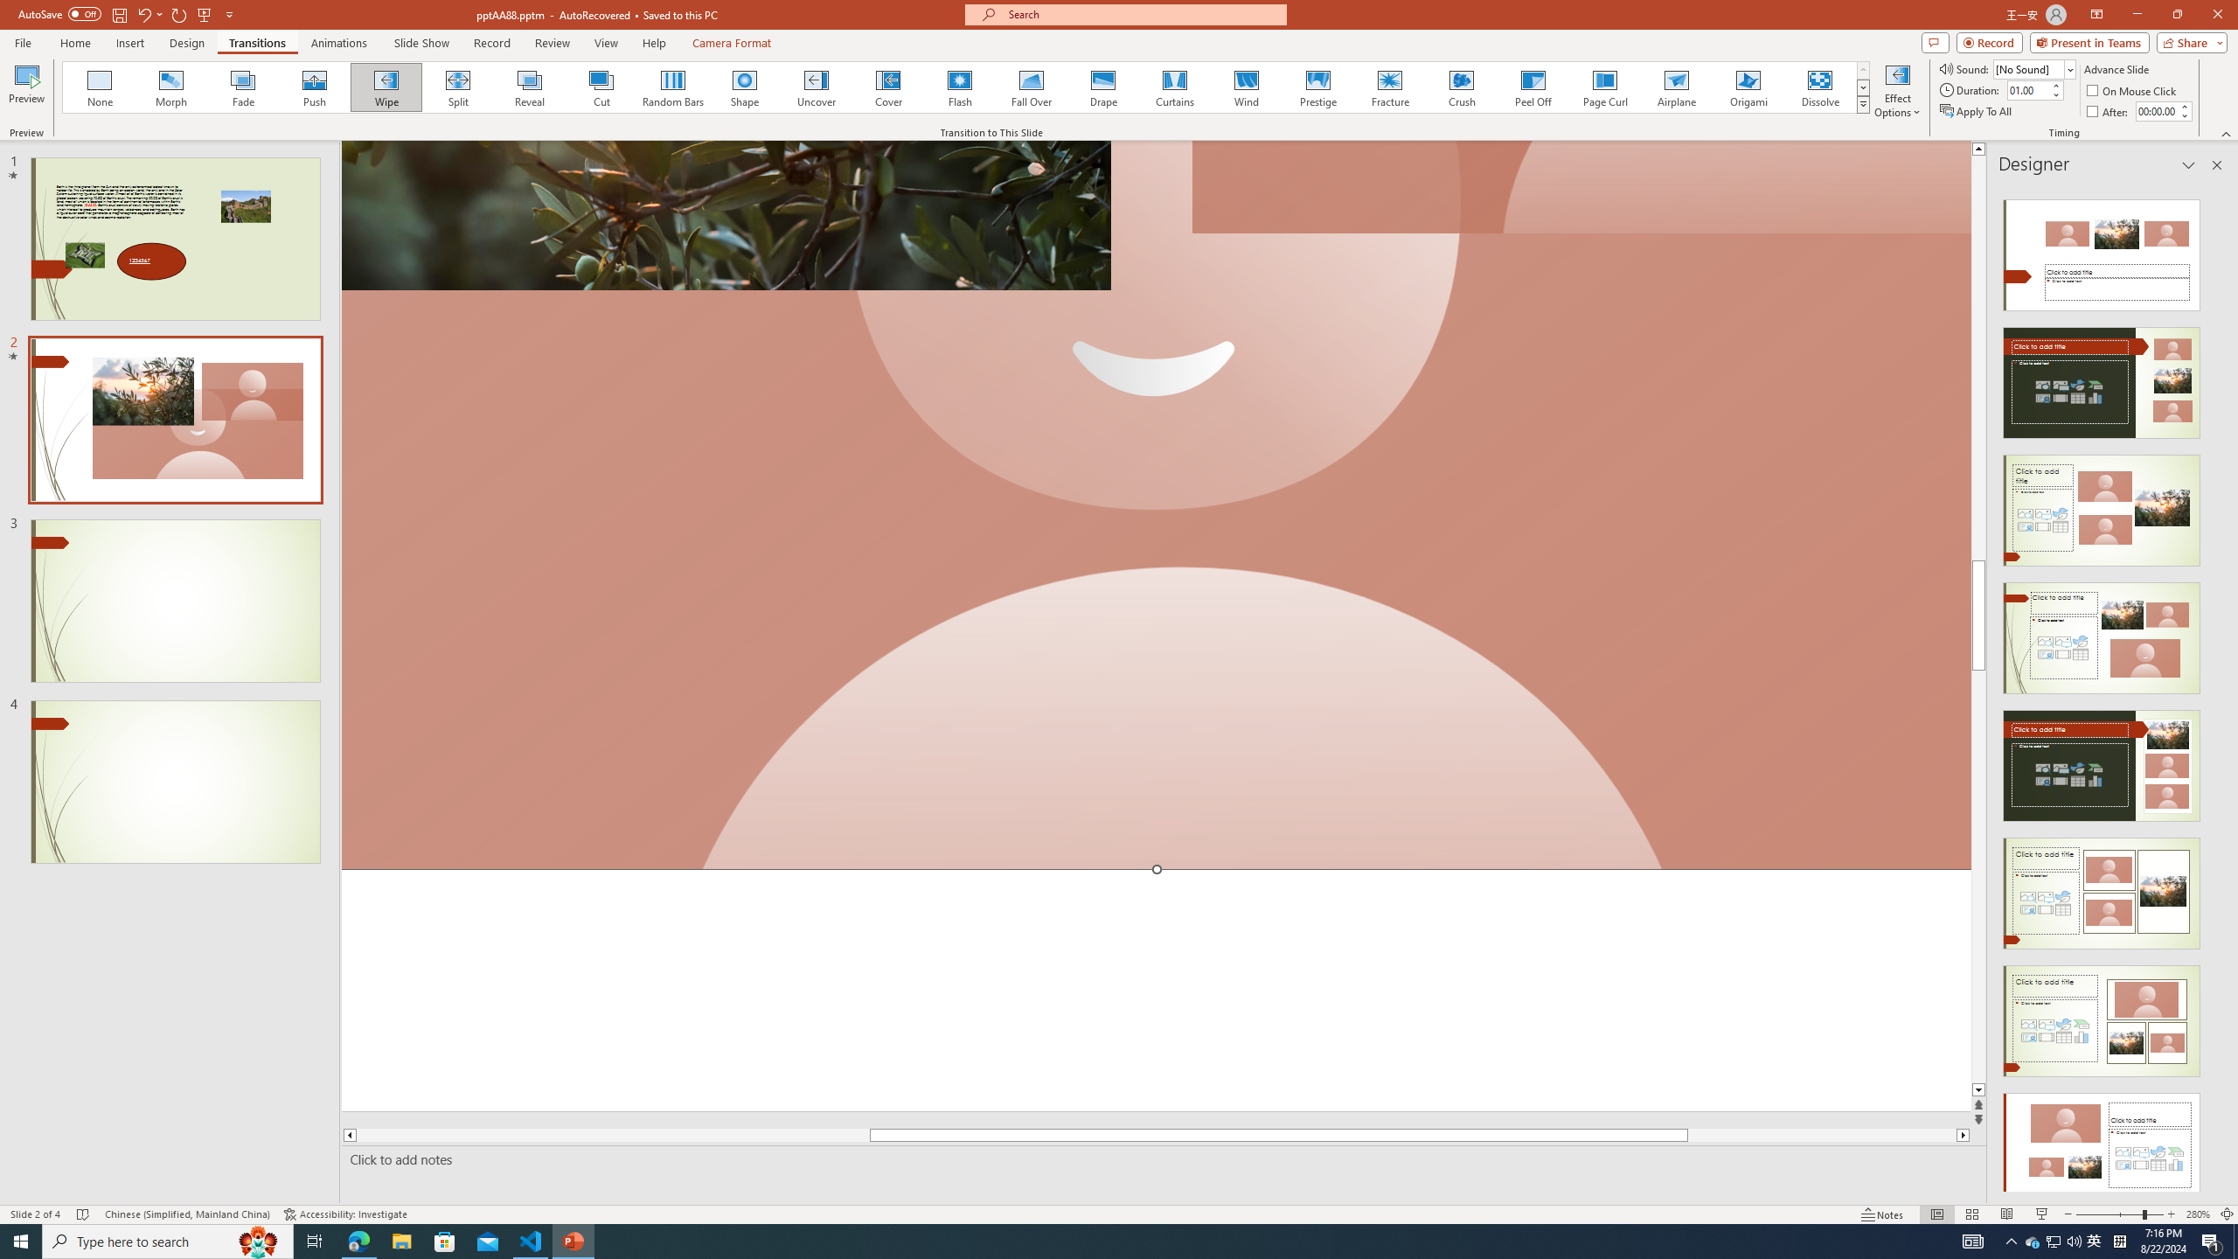 This screenshot has width=2238, height=1259. I want to click on 'Home', so click(74, 43).